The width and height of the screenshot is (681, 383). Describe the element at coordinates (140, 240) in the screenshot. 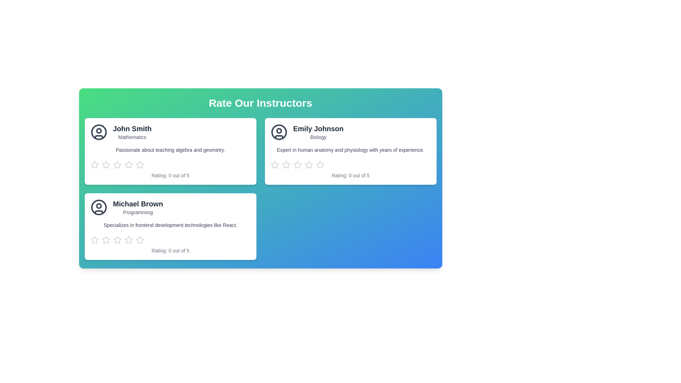

I see `the fifth rating star icon for the 'Michael Brown' instructor card located in the rating section below the card` at that location.